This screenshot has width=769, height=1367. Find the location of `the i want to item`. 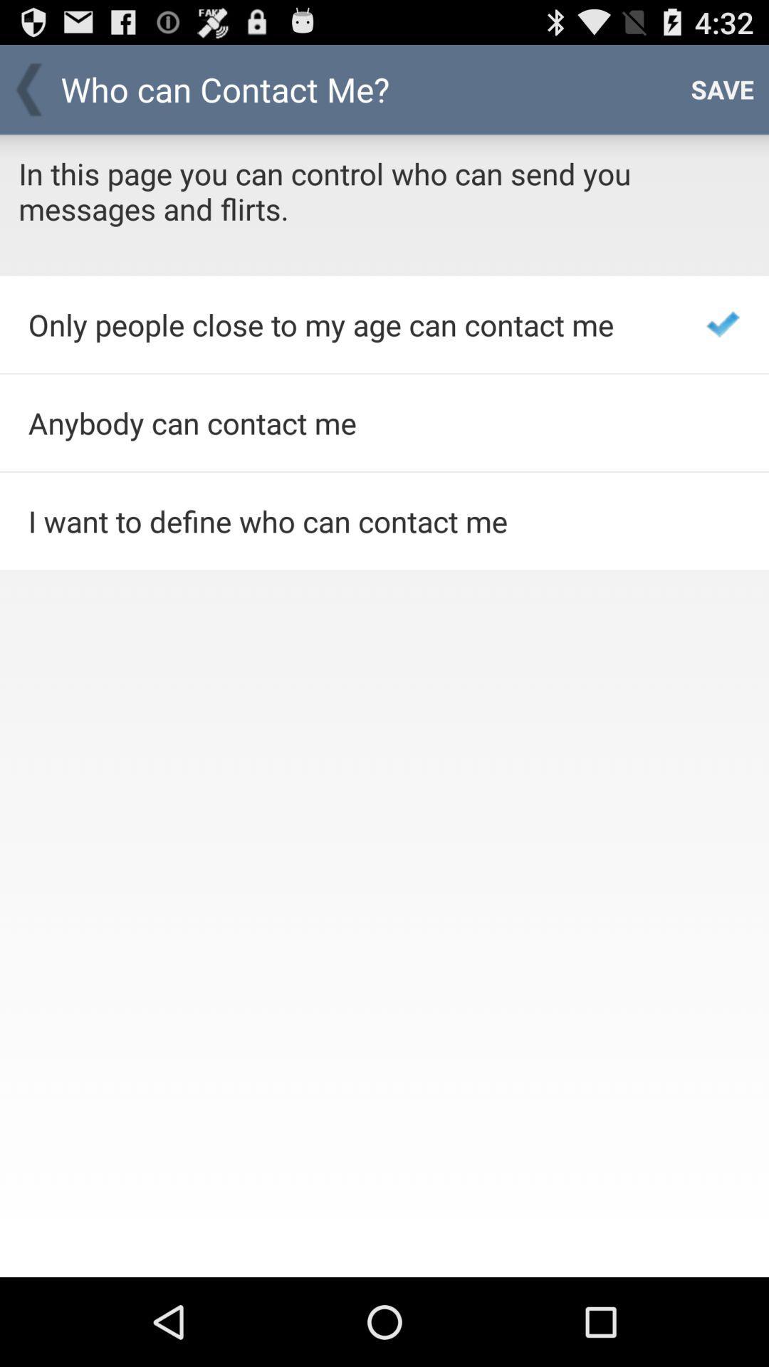

the i want to item is located at coordinates (348, 520).